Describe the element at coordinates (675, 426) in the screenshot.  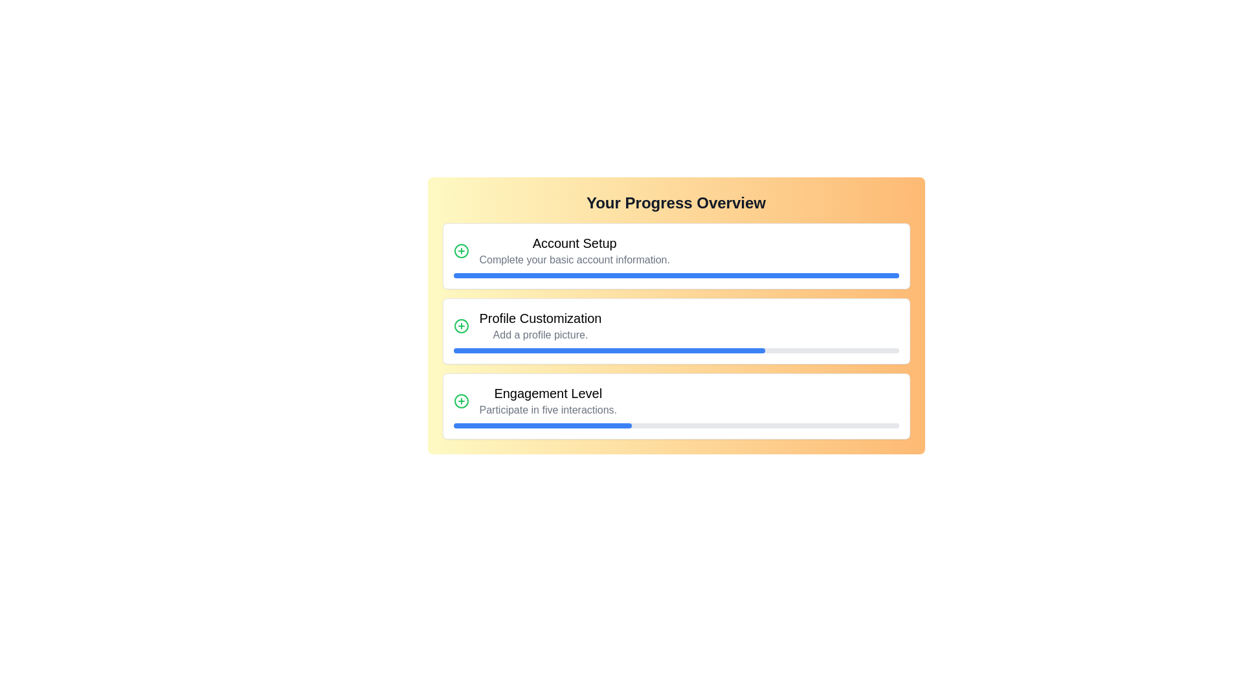
I see `the Progress Bar element, which is a thin, rounded rectangle with a gray background and 40% filled with blue, located within the 'Engagement Level' card, below the text 'Participate in five interactions.'` at that location.